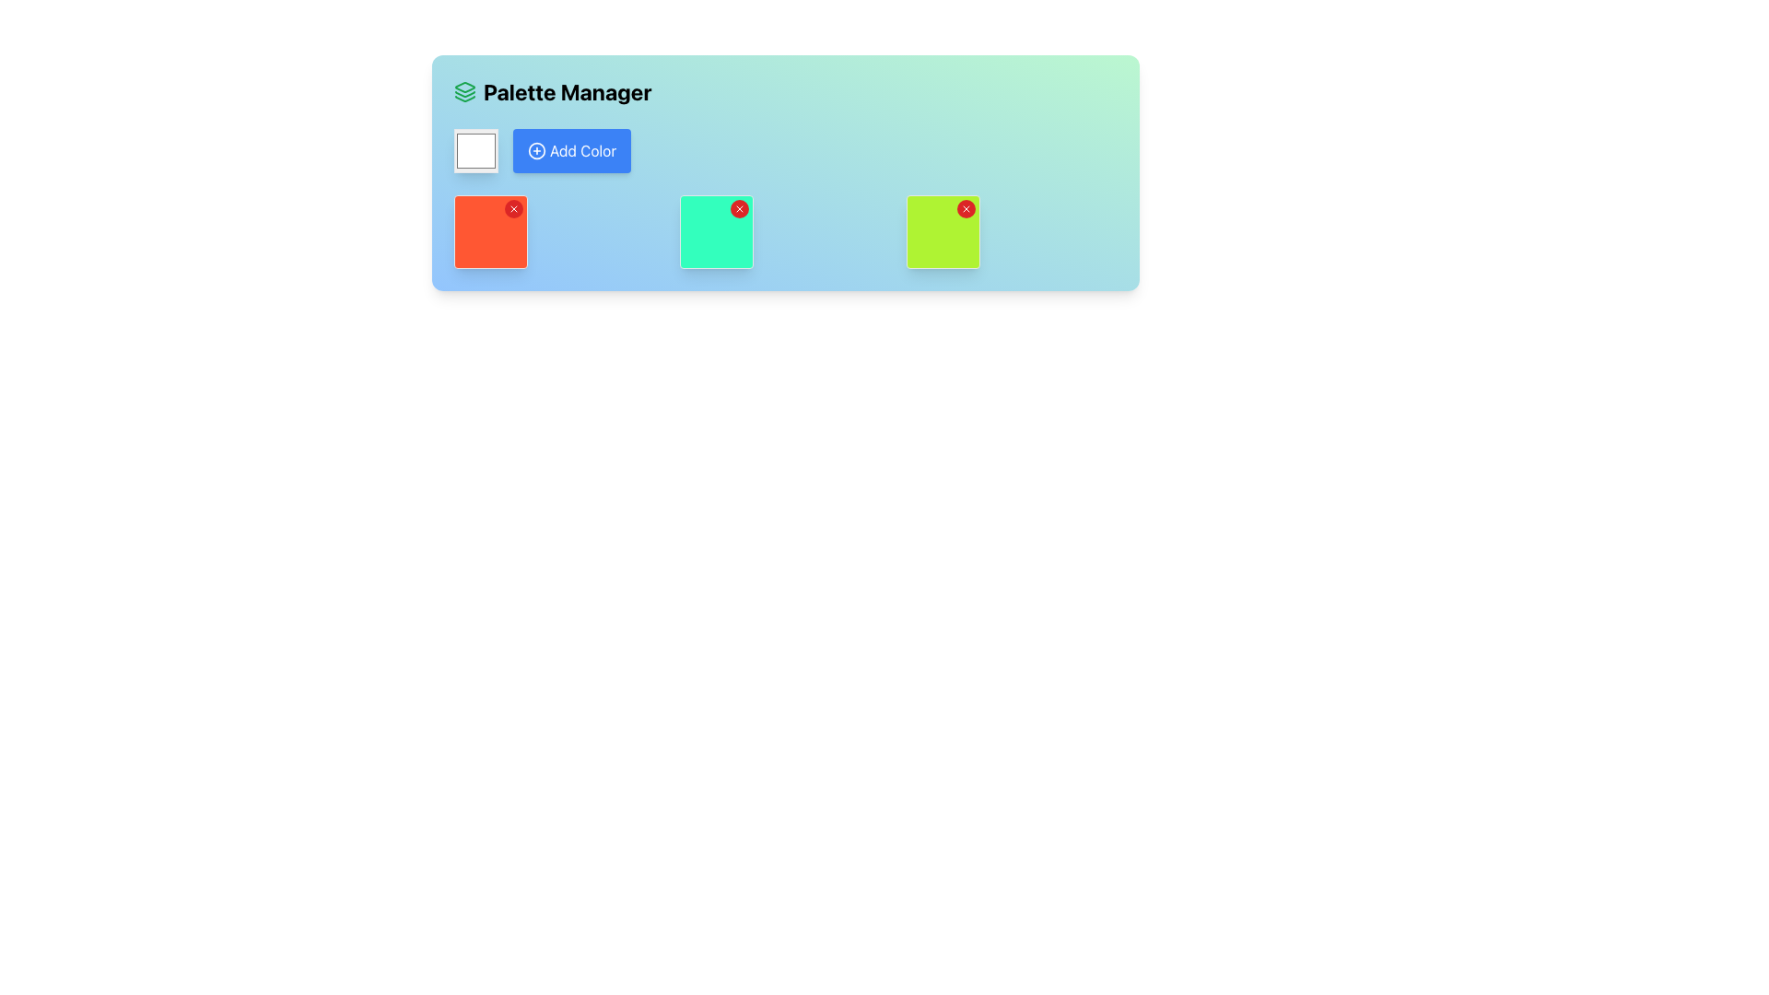  I want to click on the icon representing the 'Add Color' action, located to the left of the button's text in the upper part of the interface, so click(535, 150).